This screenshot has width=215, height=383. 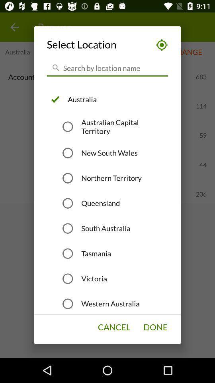 I want to click on icon above victoria icon, so click(x=96, y=253).